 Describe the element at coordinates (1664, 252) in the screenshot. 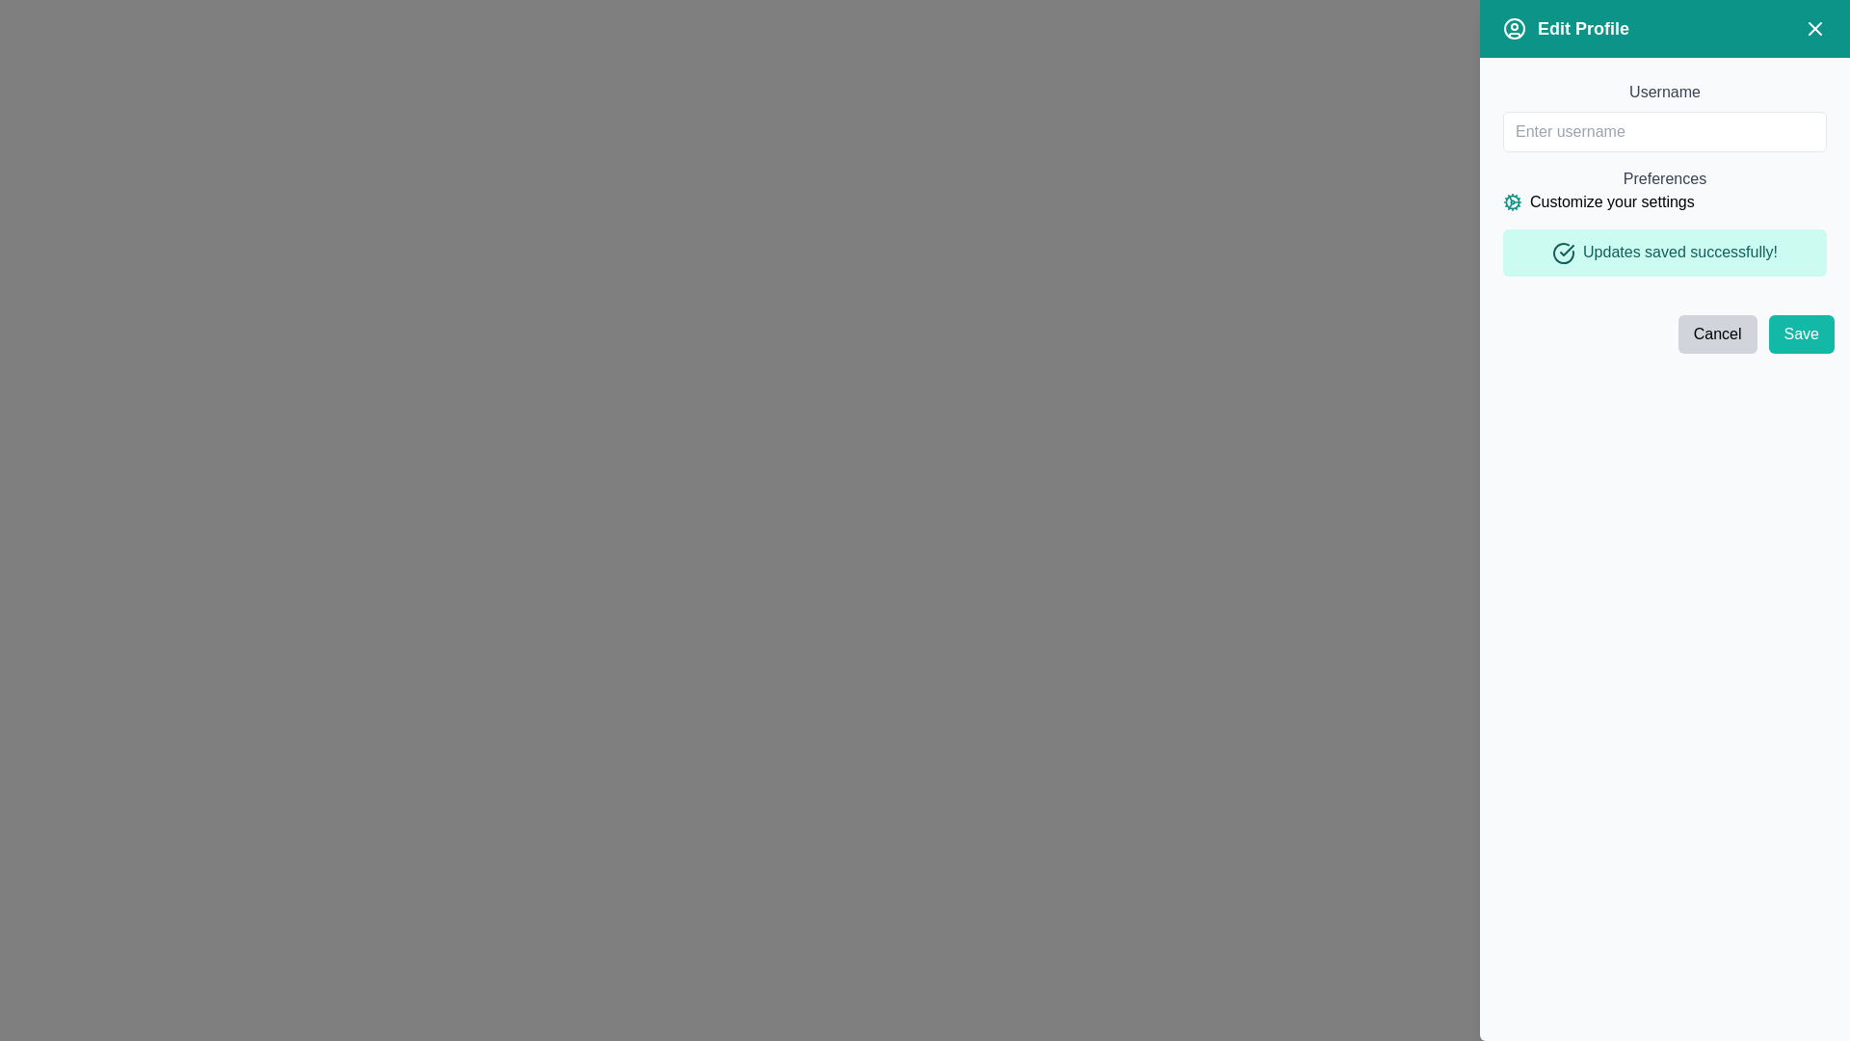

I see `the Feedback banner that confirms successful saving of profile updates, located near the center-right of the interface, below the 'Customize your settings' label and above the 'Cancel' and 'Save' buttons` at that location.